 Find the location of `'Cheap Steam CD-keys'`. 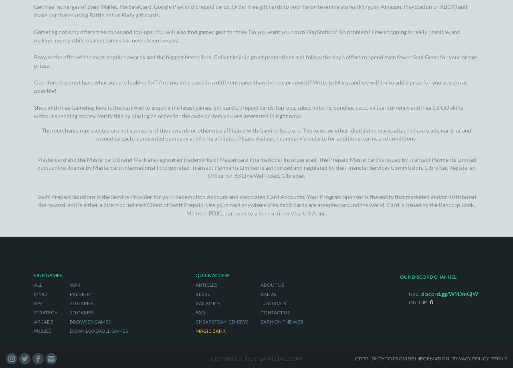

'Cheap Steam CD-keys' is located at coordinates (221, 110).